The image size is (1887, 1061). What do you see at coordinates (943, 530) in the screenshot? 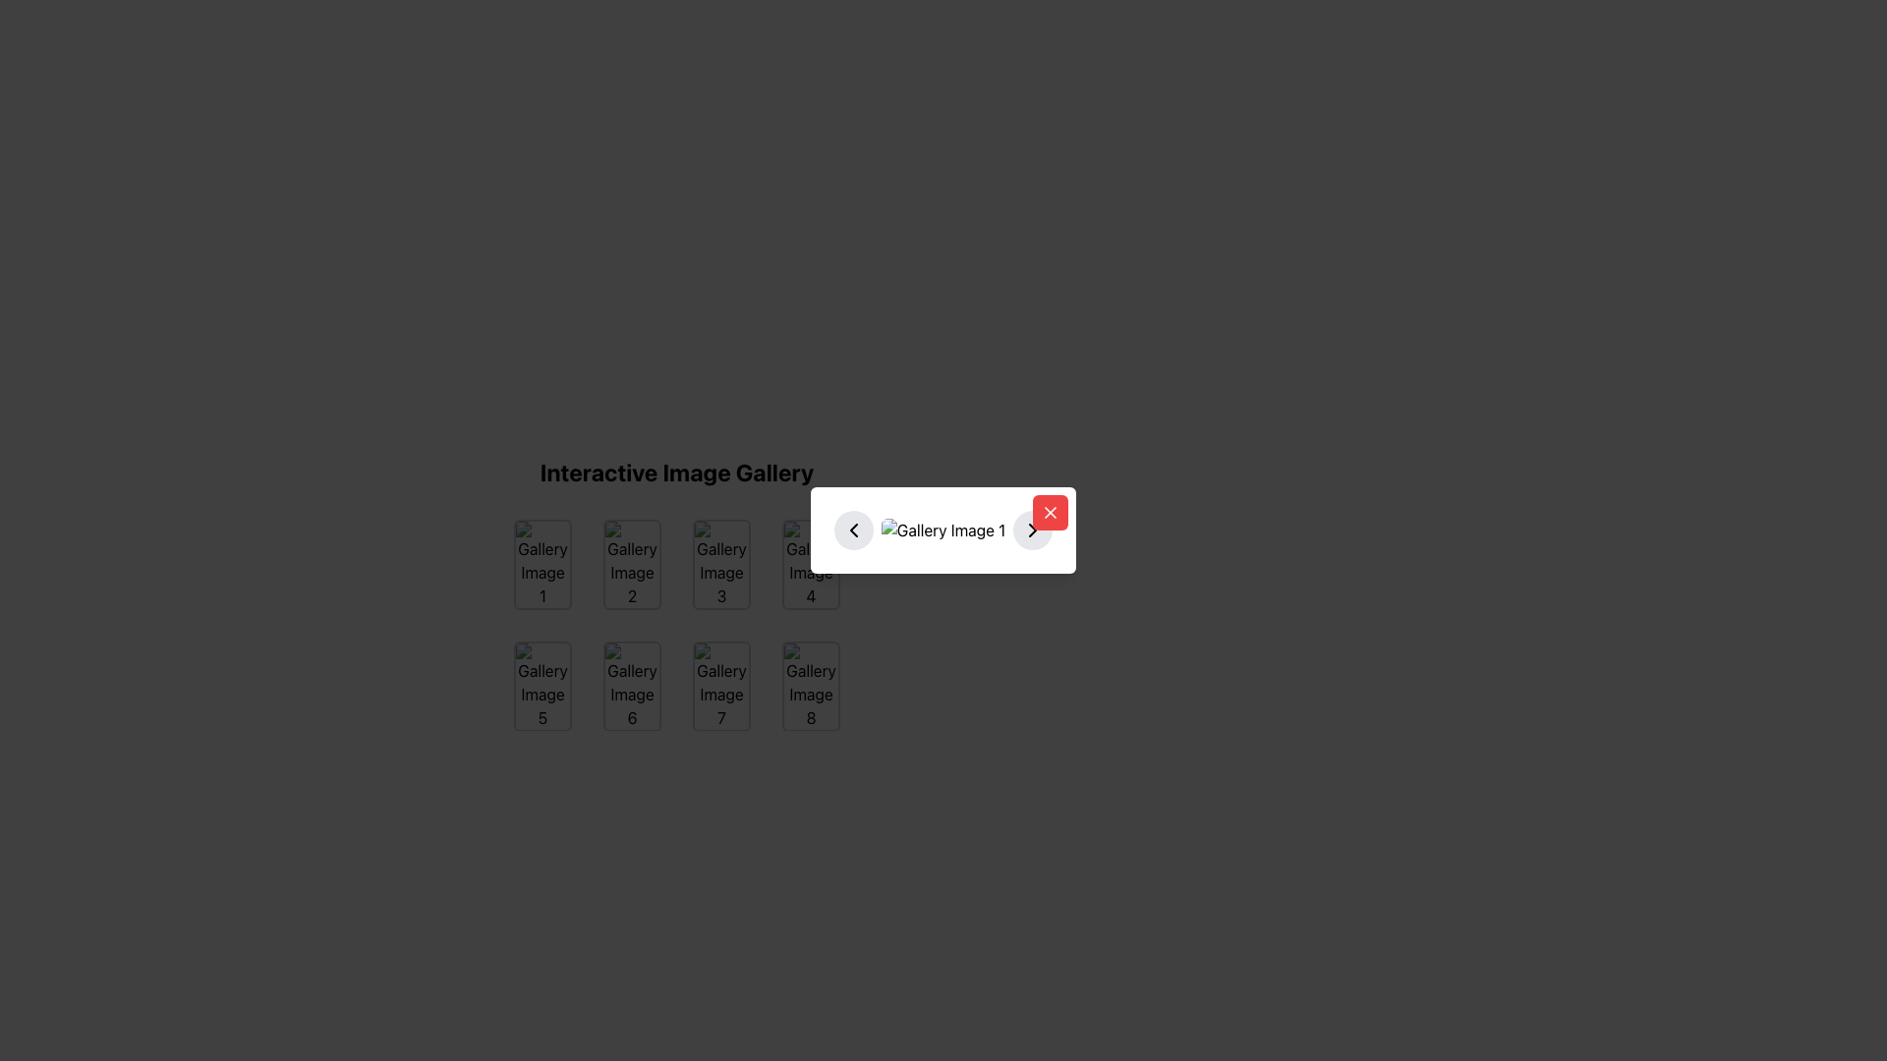
I see `the central image displayed within the interactive gallery viewer, positioned between two buttons` at bounding box center [943, 530].